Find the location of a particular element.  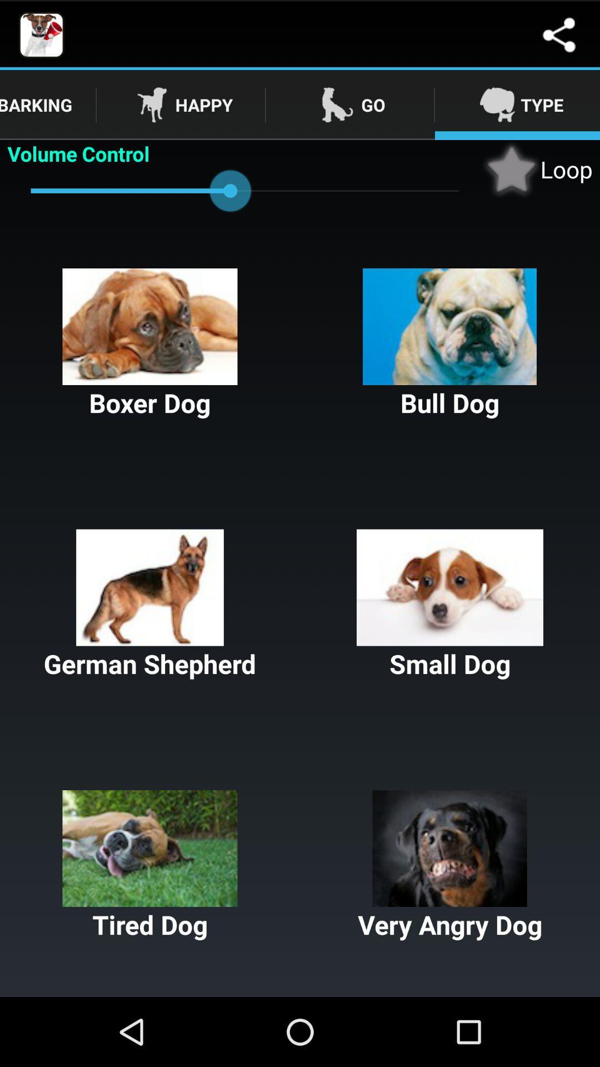

the image which is is at top left side of the page is located at coordinates (40, 34).